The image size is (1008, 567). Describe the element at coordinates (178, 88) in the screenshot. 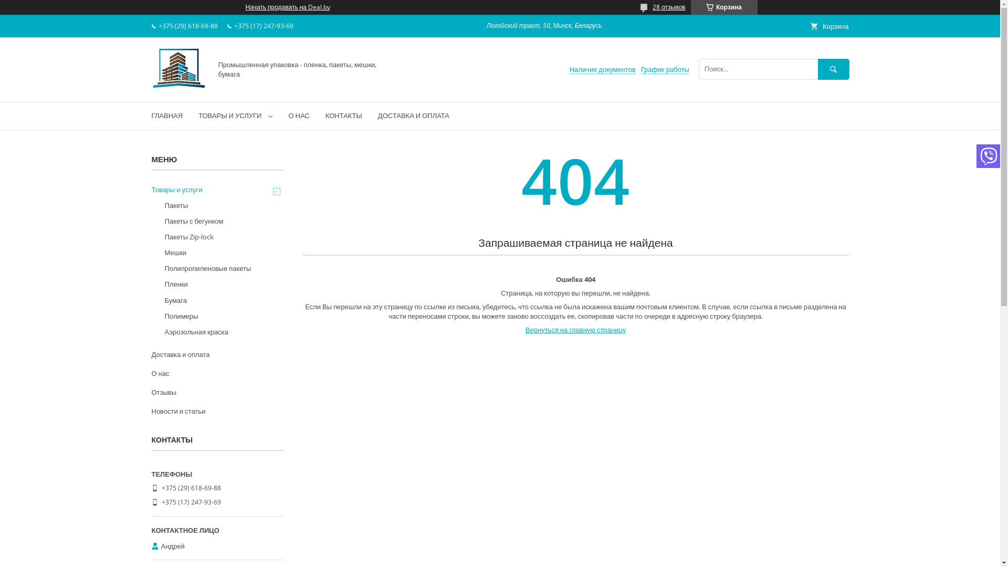

I see `'izodom.by'` at that location.